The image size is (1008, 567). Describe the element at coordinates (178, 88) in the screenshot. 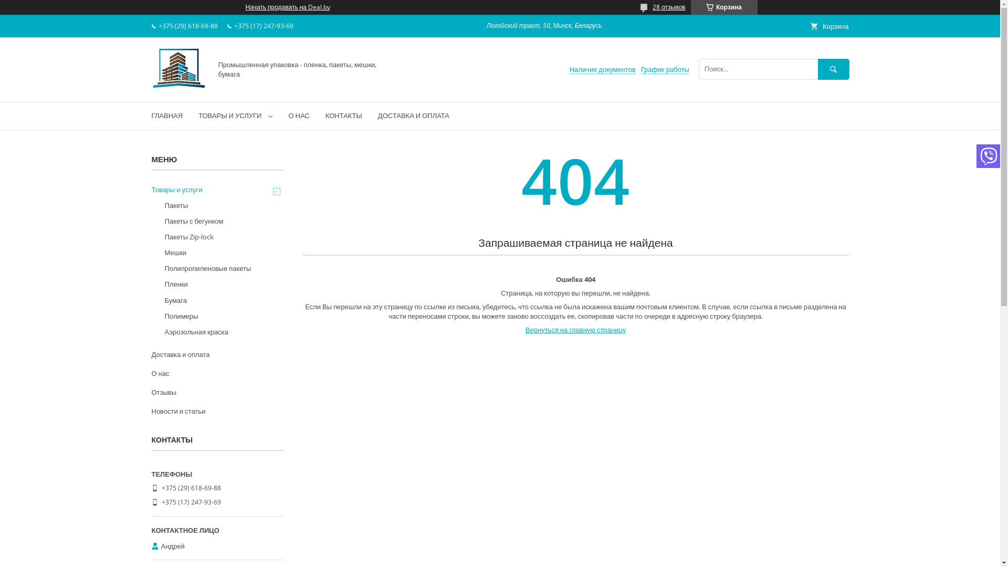

I see `'izodom.by'` at that location.